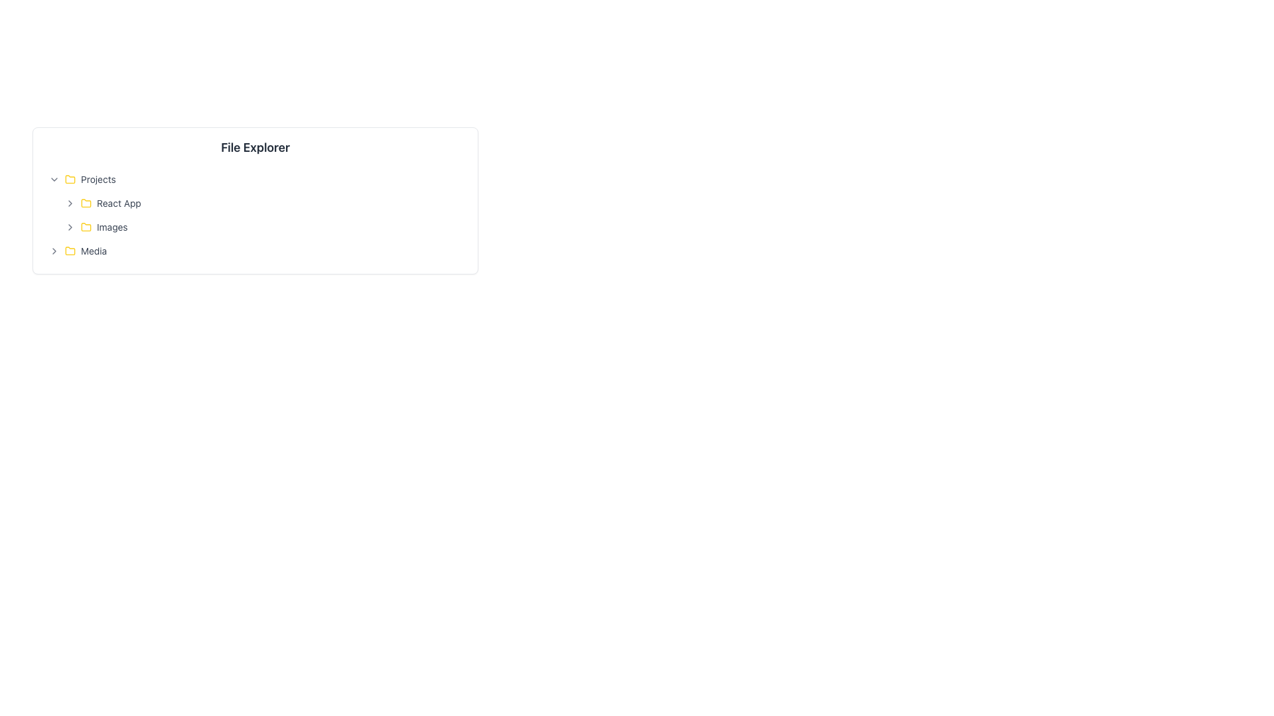 This screenshot has height=716, width=1274. Describe the element at coordinates (53, 179) in the screenshot. I see `the downward-pointing chevron icon next to the 'Projects' label` at that location.